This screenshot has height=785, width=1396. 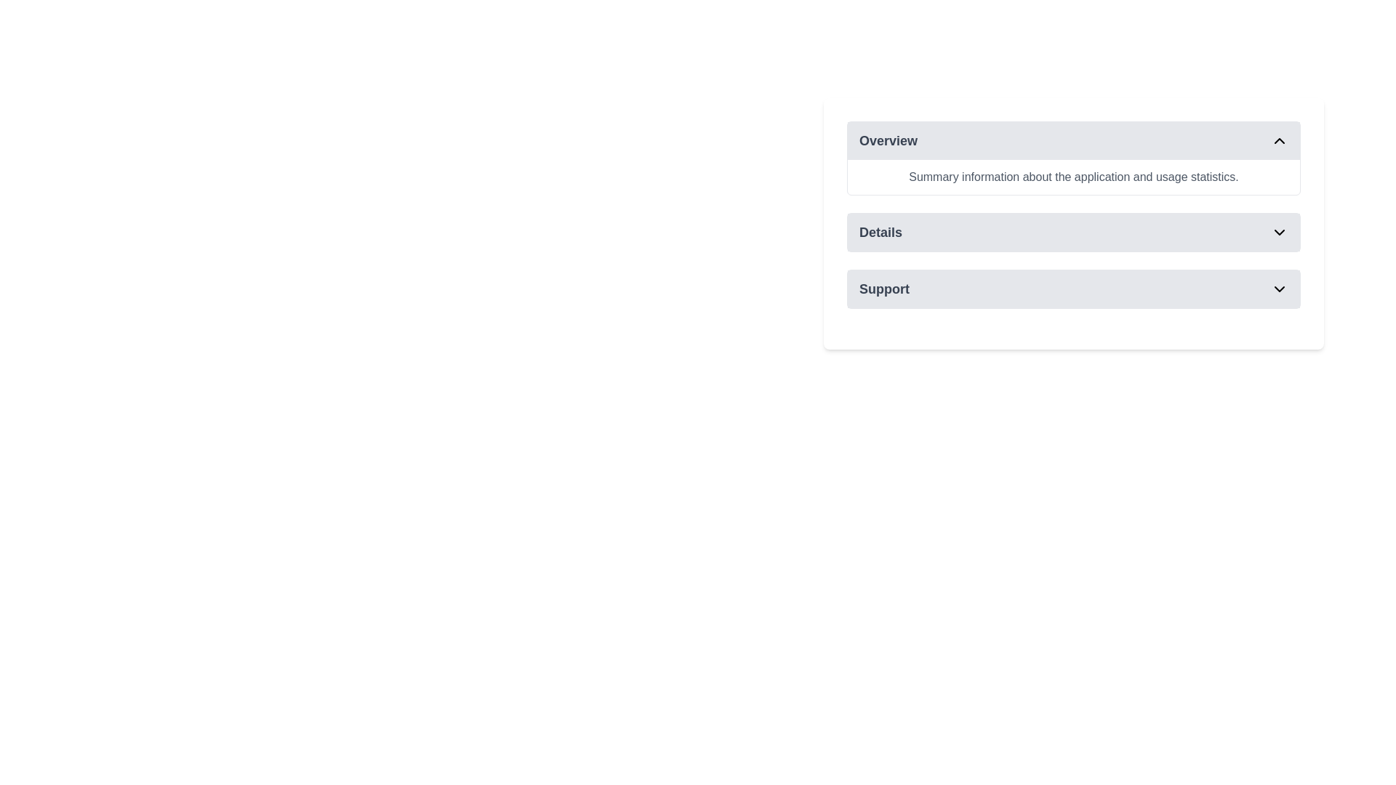 I want to click on the text label that indicates the category or type of options within a collapsible section in the settings menu, so click(x=883, y=289).